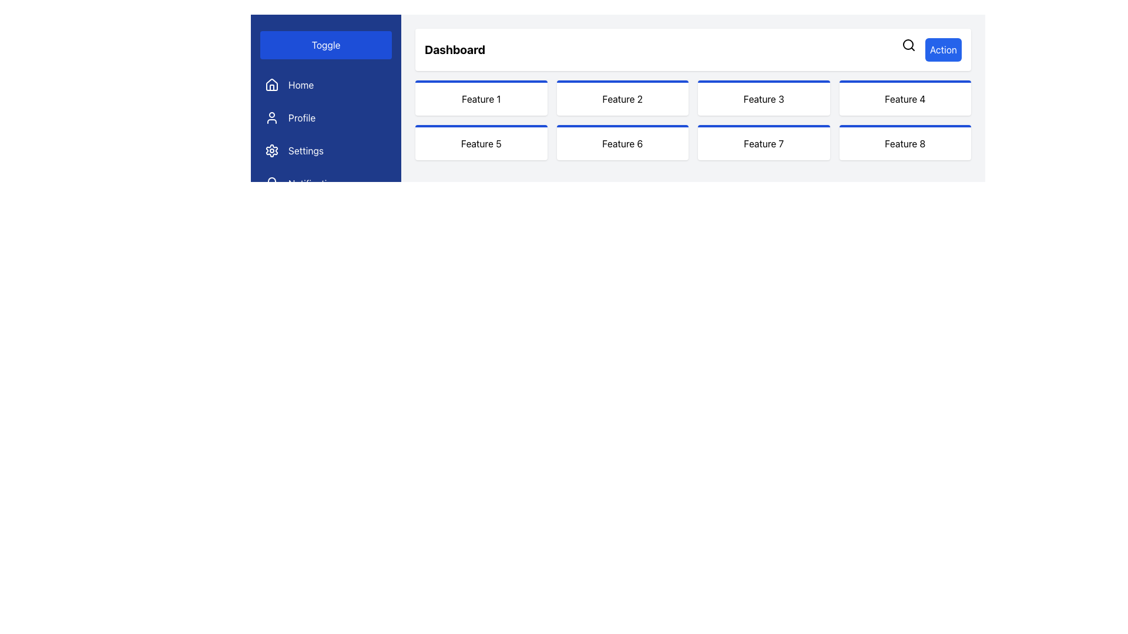 The height and width of the screenshot is (634, 1128). What do you see at coordinates (315, 183) in the screenshot?
I see `the 'Notifications' label in the vertical navigation bar` at bounding box center [315, 183].